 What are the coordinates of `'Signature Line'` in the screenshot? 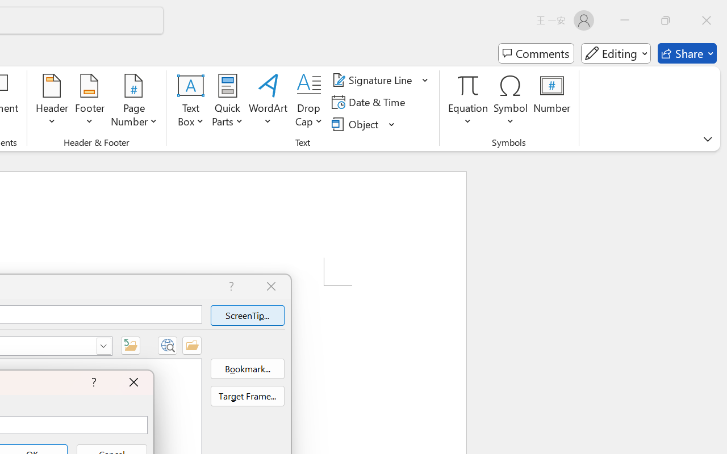 It's located at (381, 80).